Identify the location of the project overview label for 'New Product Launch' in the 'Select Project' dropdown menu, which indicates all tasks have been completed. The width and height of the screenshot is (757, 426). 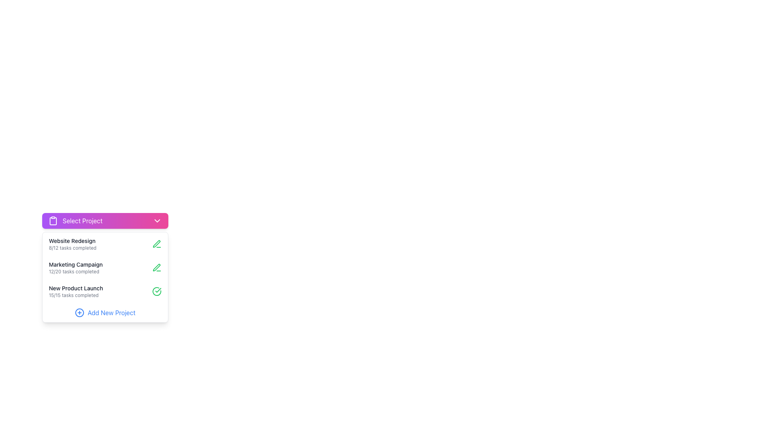
(76, 291).